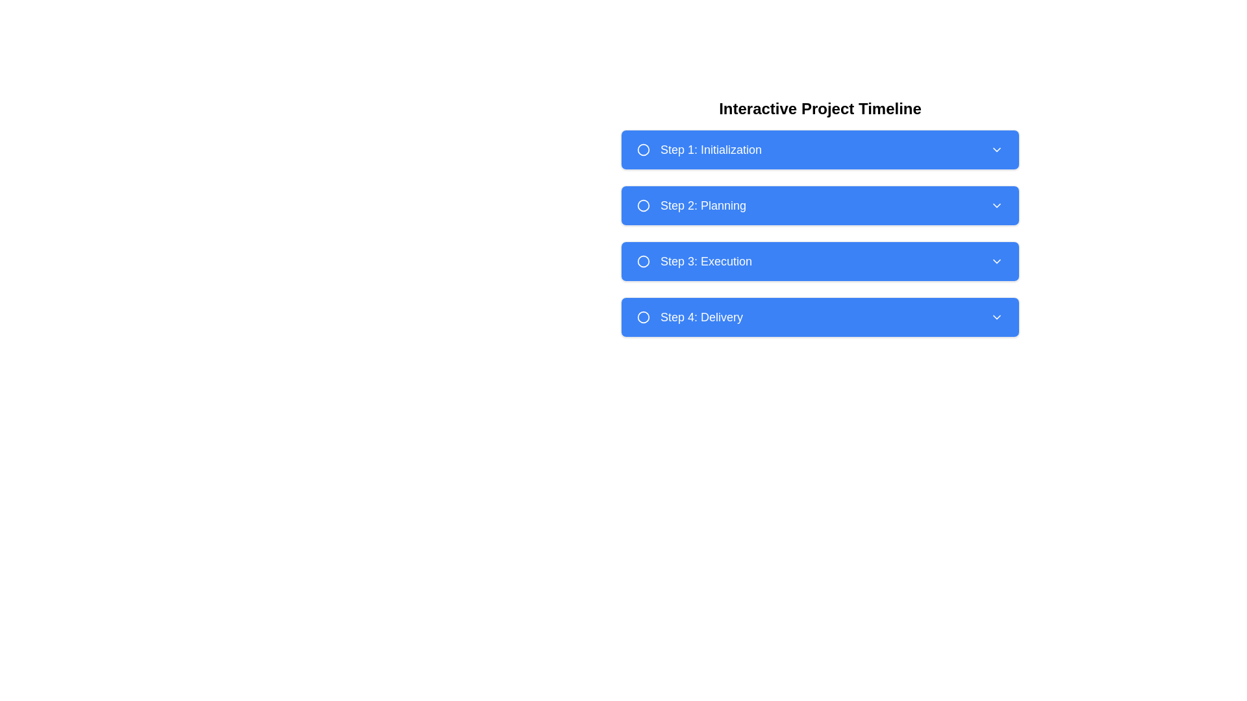 Image resolution: width=1247 pixels, height=701 pixels. Describe the element at coordinates (819, 108) in the screenshot. I see `the static text header reading 'Interactive Project Timeline'` at that location.